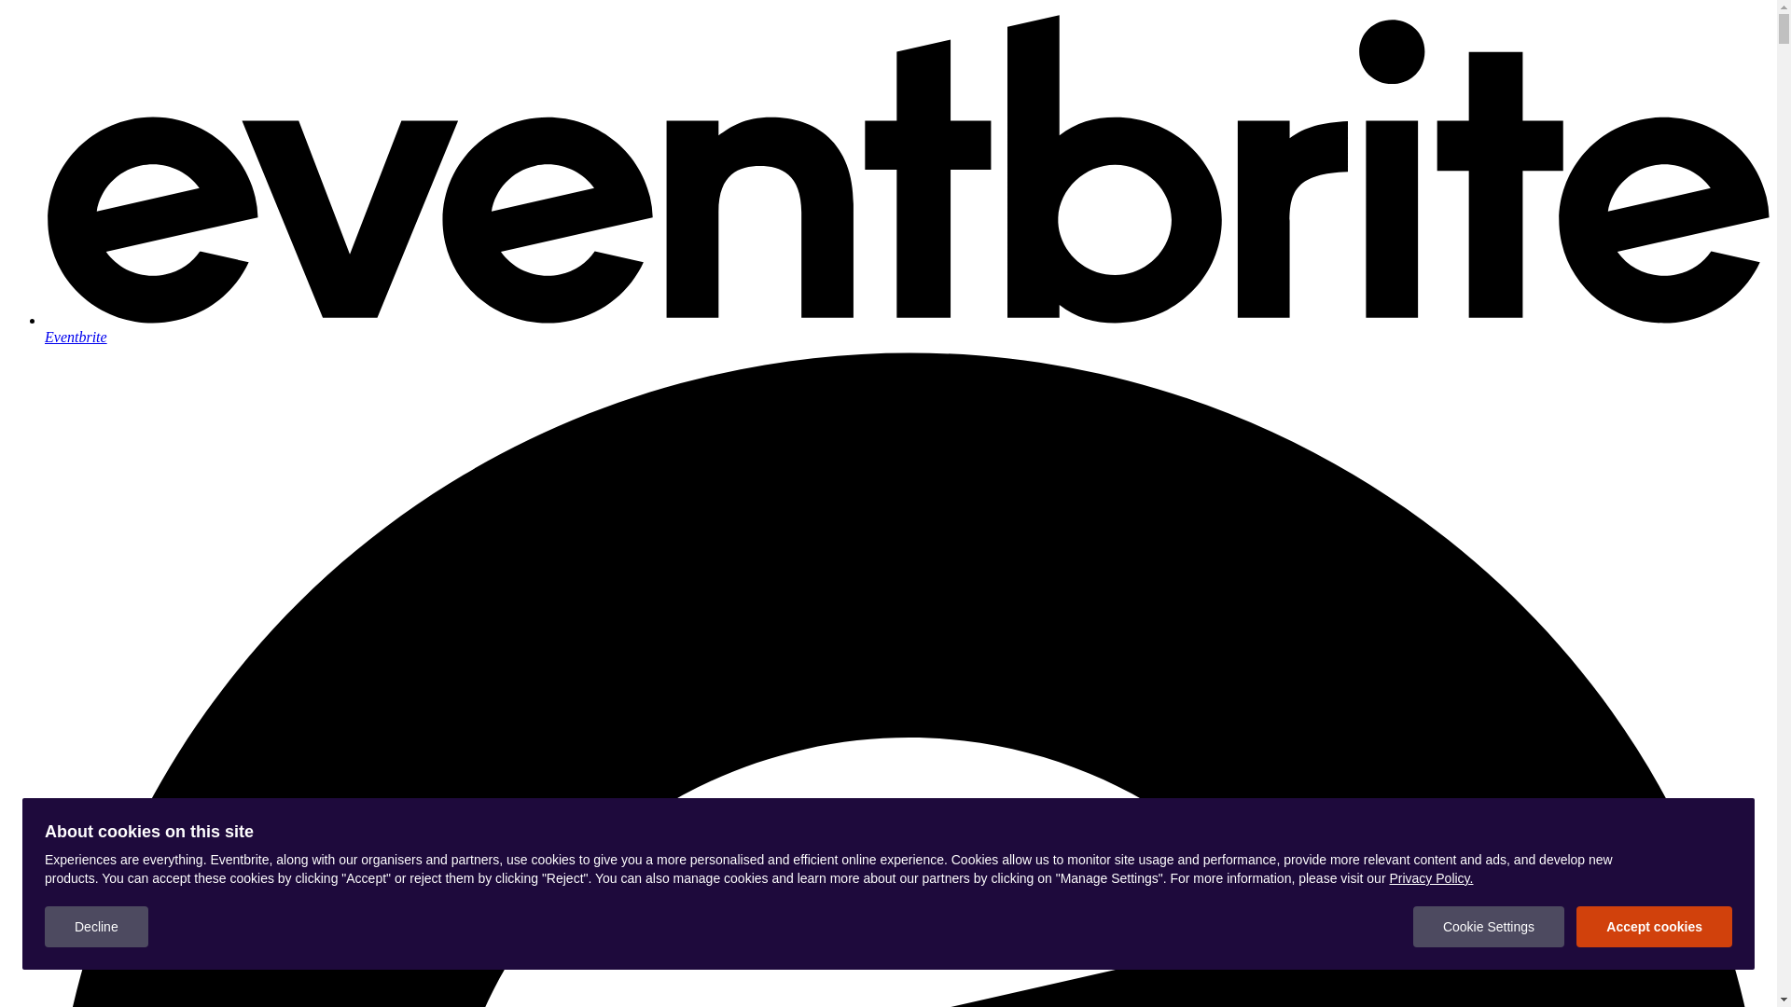  Describe the element at coordinates (1488, 927) in the screenshot. I see `'Cookie Settings'` at that location.